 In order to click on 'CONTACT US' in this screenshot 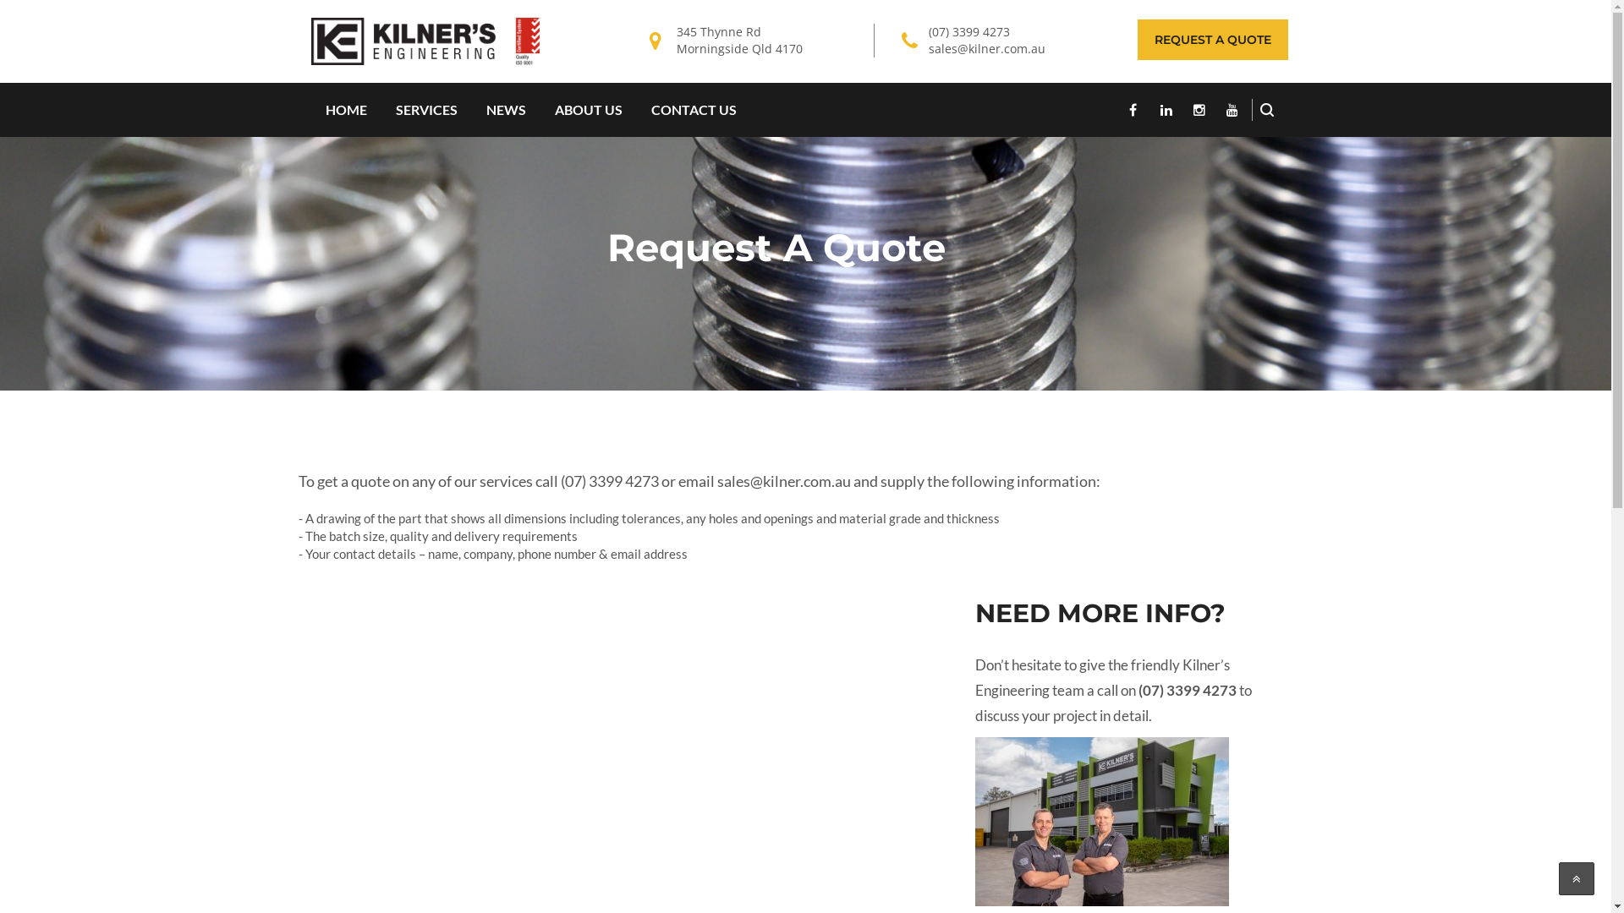, I will do `click(693, 110)`.